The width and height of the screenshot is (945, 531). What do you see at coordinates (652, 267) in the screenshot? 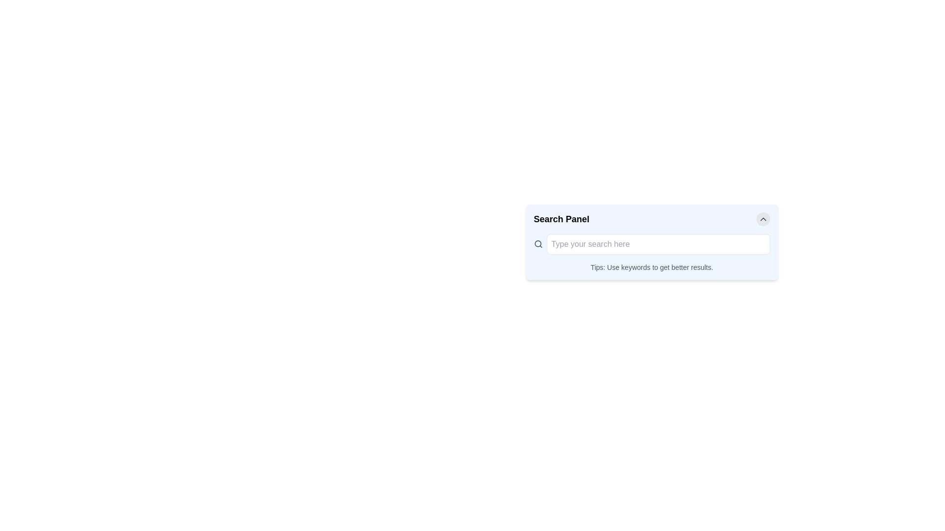
I see `the text label or hint that provides guidance on keywords for better search results, located below the input field with the placeholder 'Type your search here.'` at bounding box center [652, 267].